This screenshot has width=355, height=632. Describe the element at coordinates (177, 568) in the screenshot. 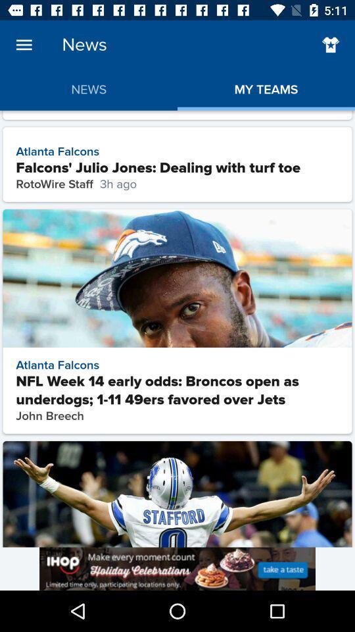

I see `advert` at that location.